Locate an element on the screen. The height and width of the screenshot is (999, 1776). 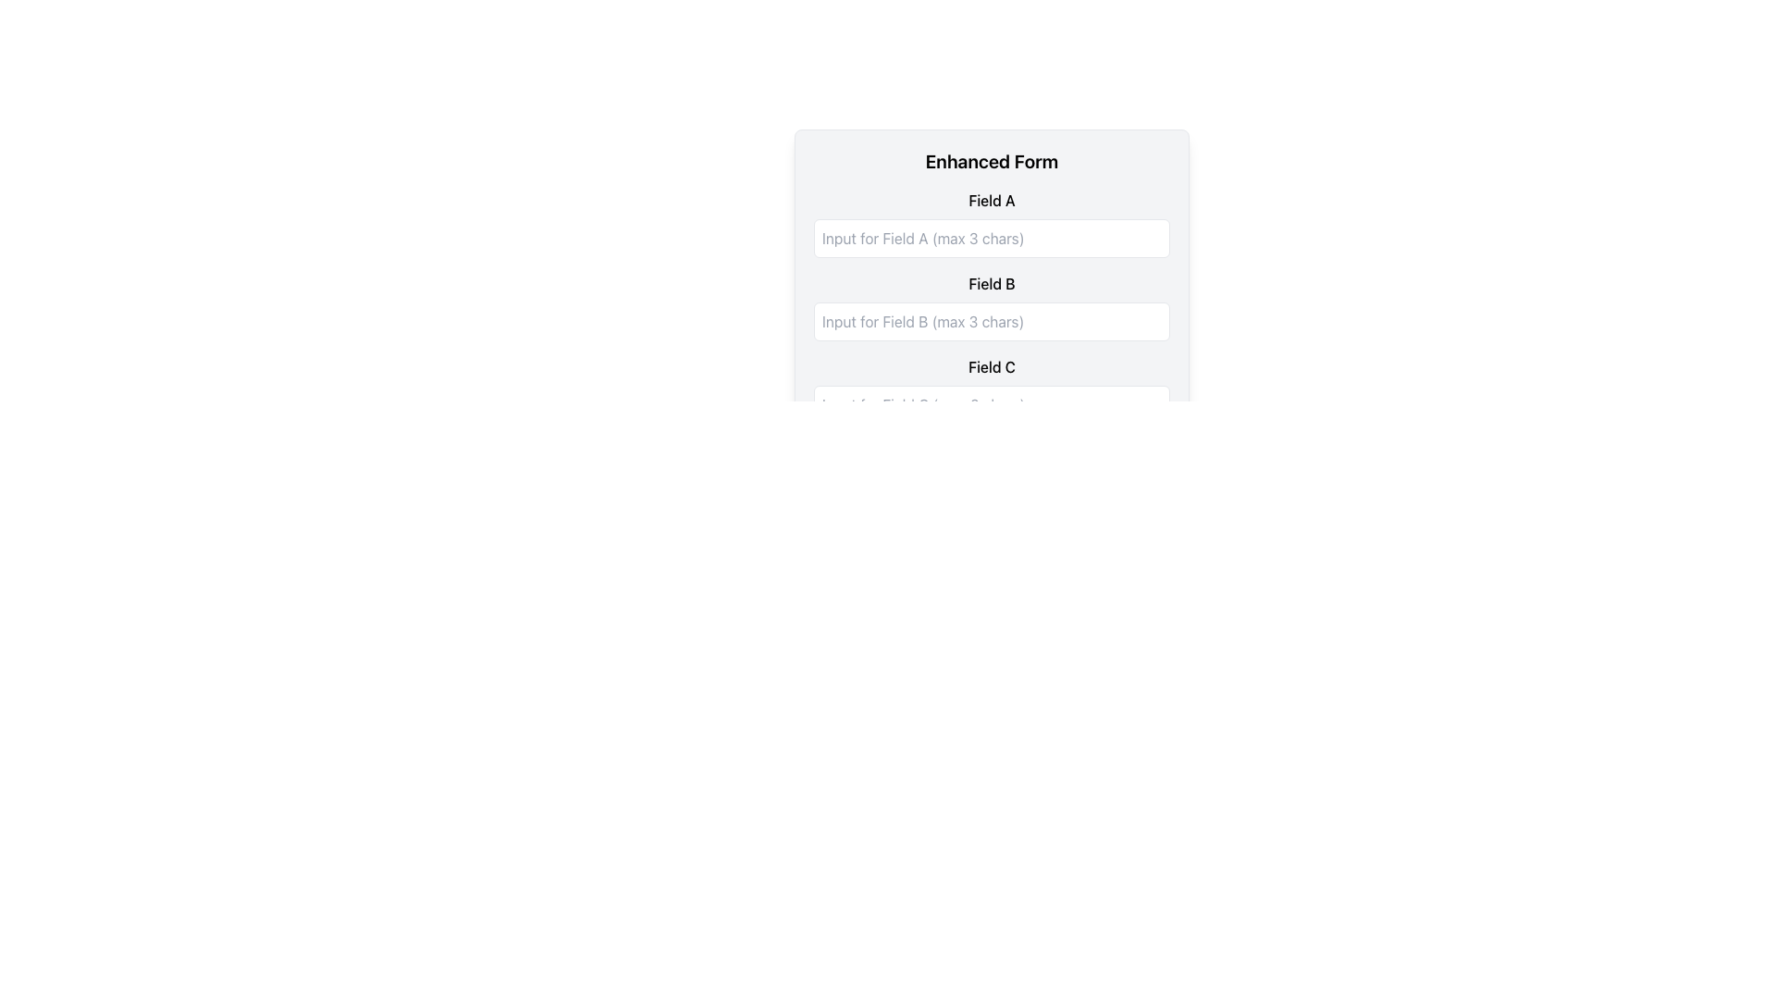
text label 'Field C', which is the third label in a vertical layout, styled with medium font weight, positioned directly above its associated input box is located at coordinates (991, 367).